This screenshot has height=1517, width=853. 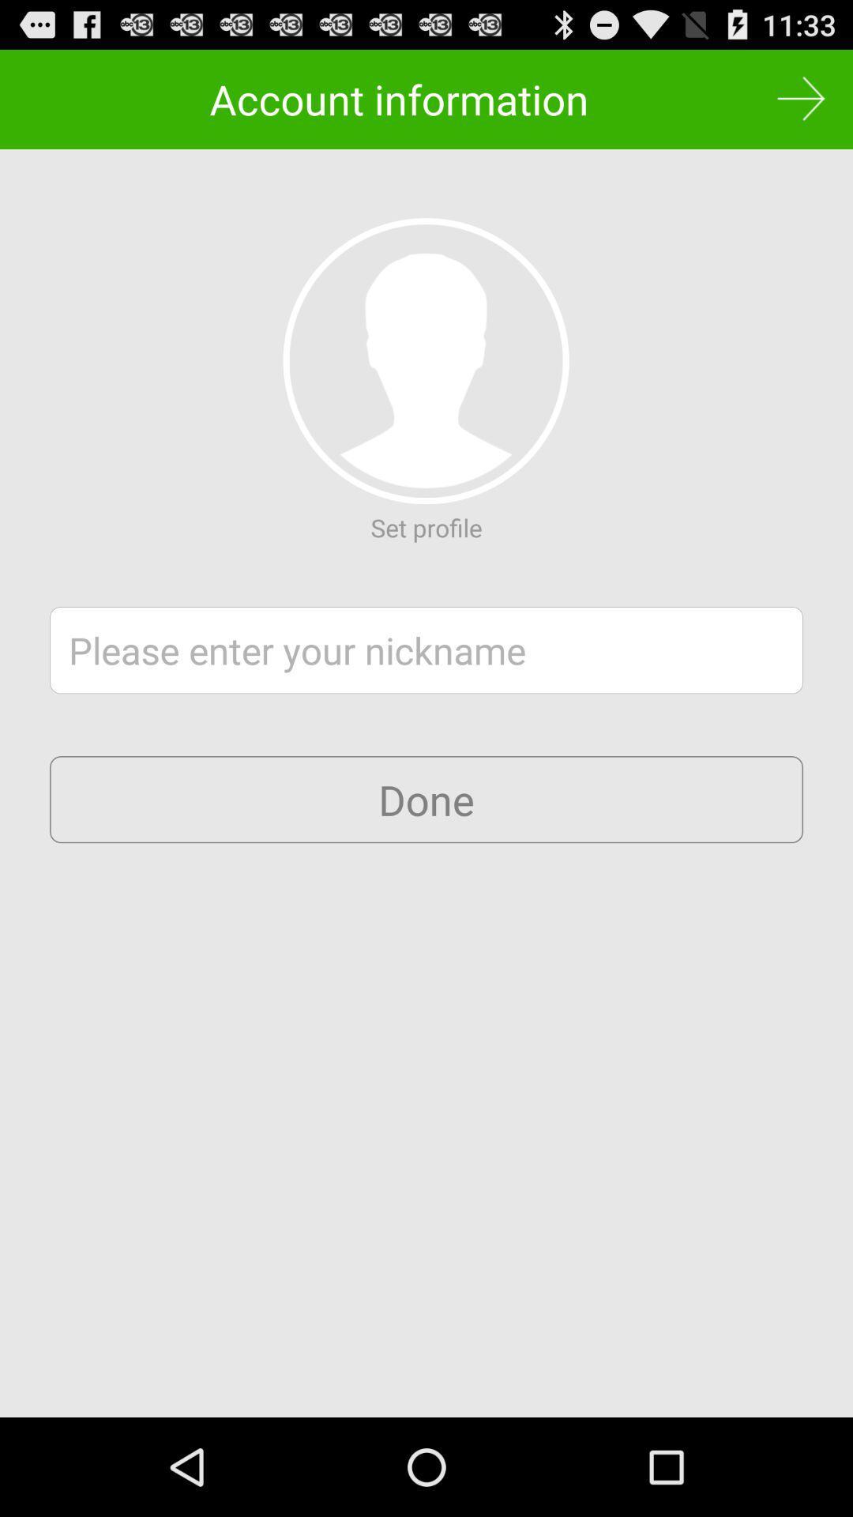 I want to click on set profile photo, so click(x=425, y=360).